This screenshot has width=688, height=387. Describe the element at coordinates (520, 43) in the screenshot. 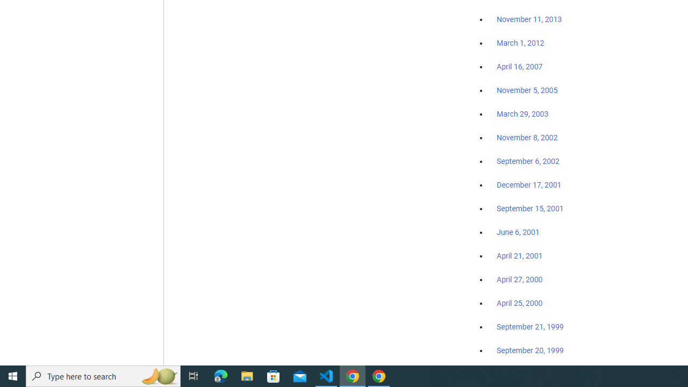

I see `'March 1, 2012'` at that location.